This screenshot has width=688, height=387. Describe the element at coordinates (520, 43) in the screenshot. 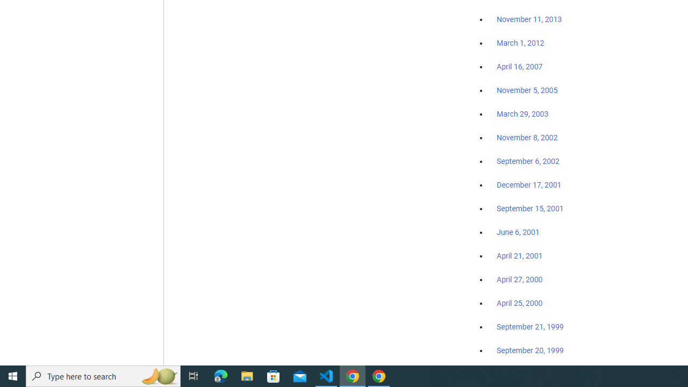

I see `'March 1, 2012'` at that location.